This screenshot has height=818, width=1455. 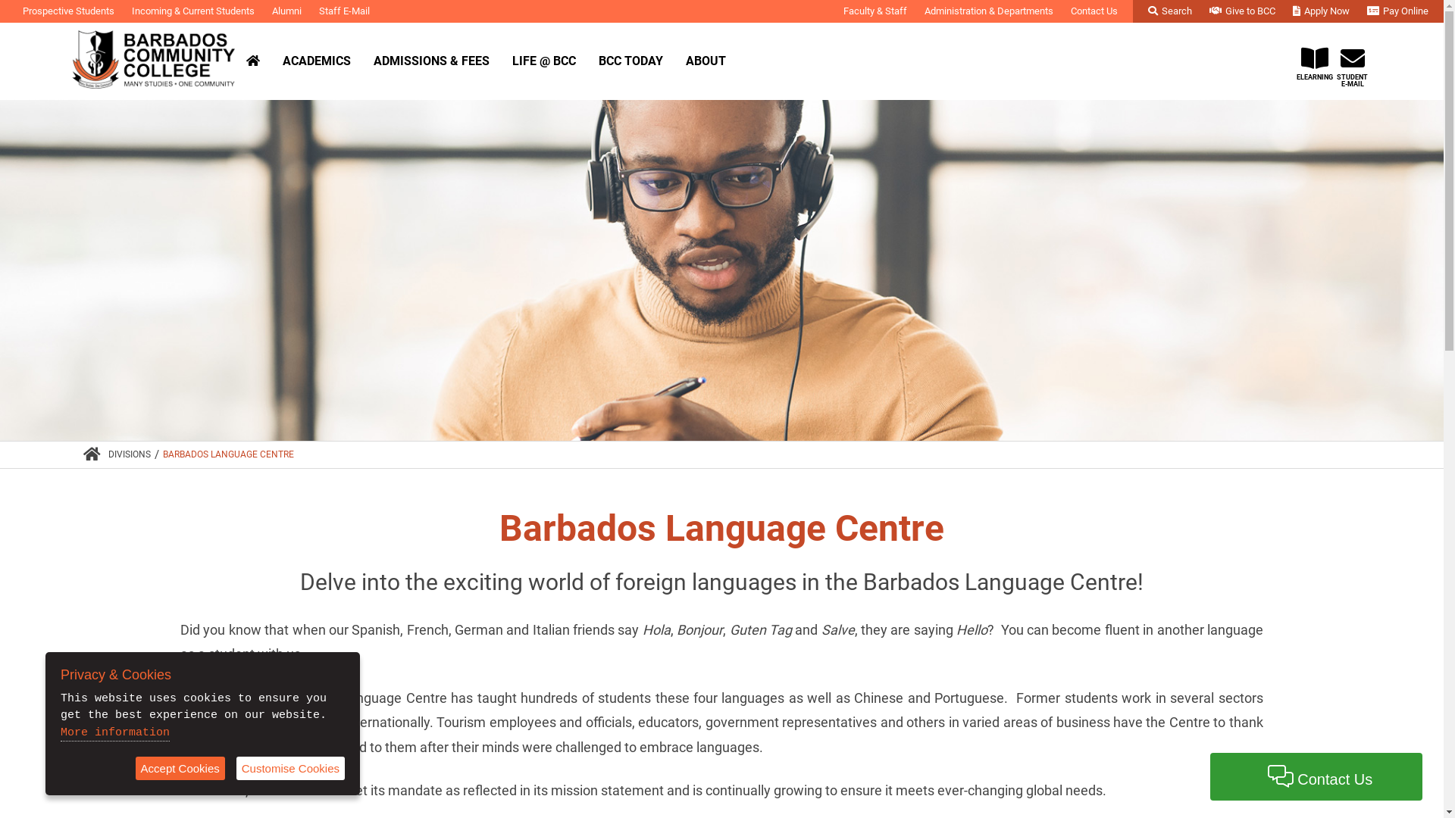 What do you see at coordinates (67, 11) in the screenshot?
I see `'Prospective Students'` at bounding box center [67, 11].